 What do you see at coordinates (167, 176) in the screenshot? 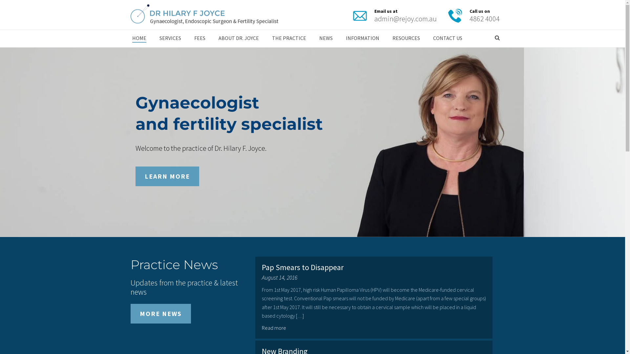
I see `'LEARN MORE'` at bounding box center [167, 176].